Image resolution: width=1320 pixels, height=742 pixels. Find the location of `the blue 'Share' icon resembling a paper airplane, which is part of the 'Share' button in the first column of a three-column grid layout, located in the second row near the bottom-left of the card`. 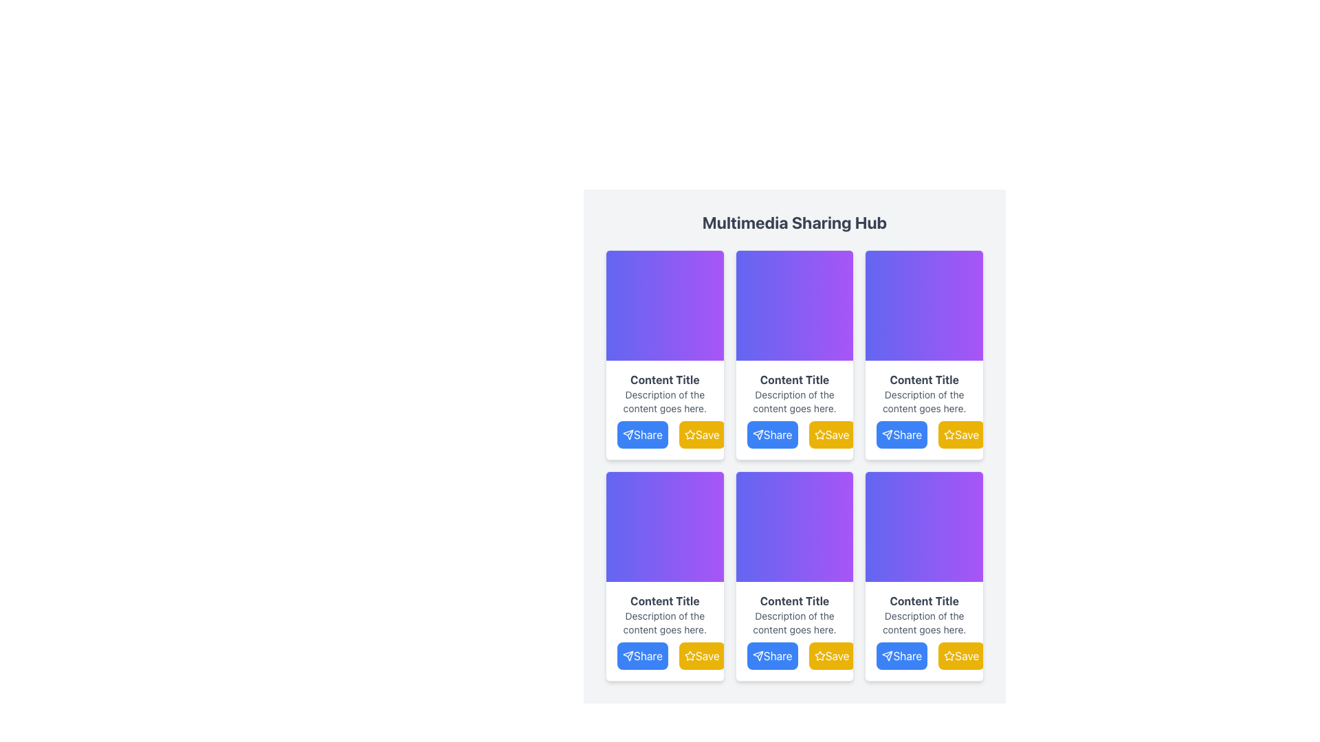

the blue 'Share' icon resembling a paper airplane, which is part of the 'Share' button in the first column of a three-column grid layout, located in the second row near the bottom-left of the card is located at coordinates (627, 434).